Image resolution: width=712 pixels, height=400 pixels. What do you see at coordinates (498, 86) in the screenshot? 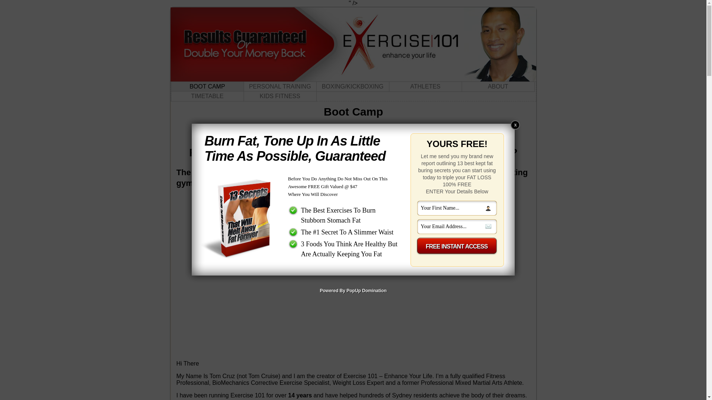
I see `'ABOUT'` at bounding box center [498, 86].